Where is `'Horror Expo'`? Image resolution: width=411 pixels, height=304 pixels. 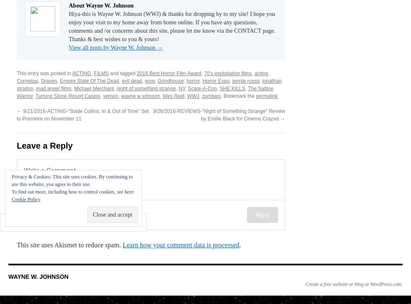 'Horror Expo' is located at coordinates (202, 81).